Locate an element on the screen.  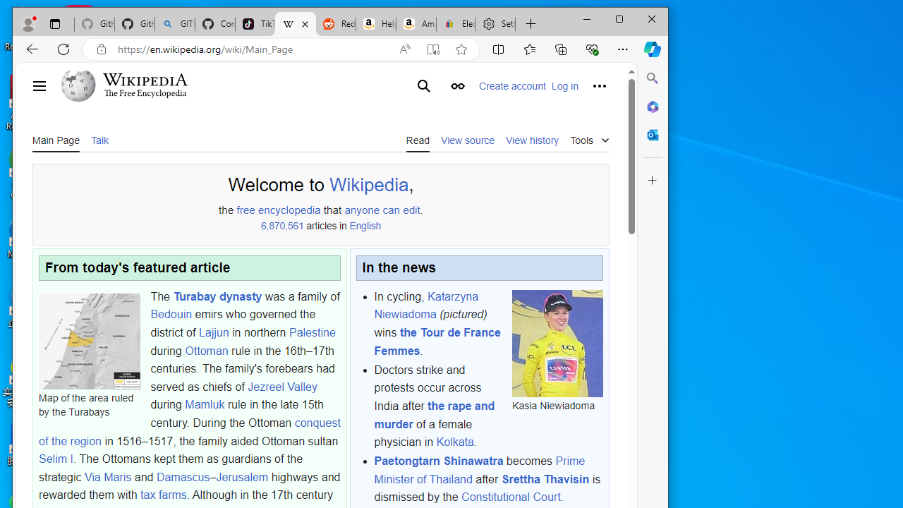
'Jerusalem' is located at coordinates (242, 476).